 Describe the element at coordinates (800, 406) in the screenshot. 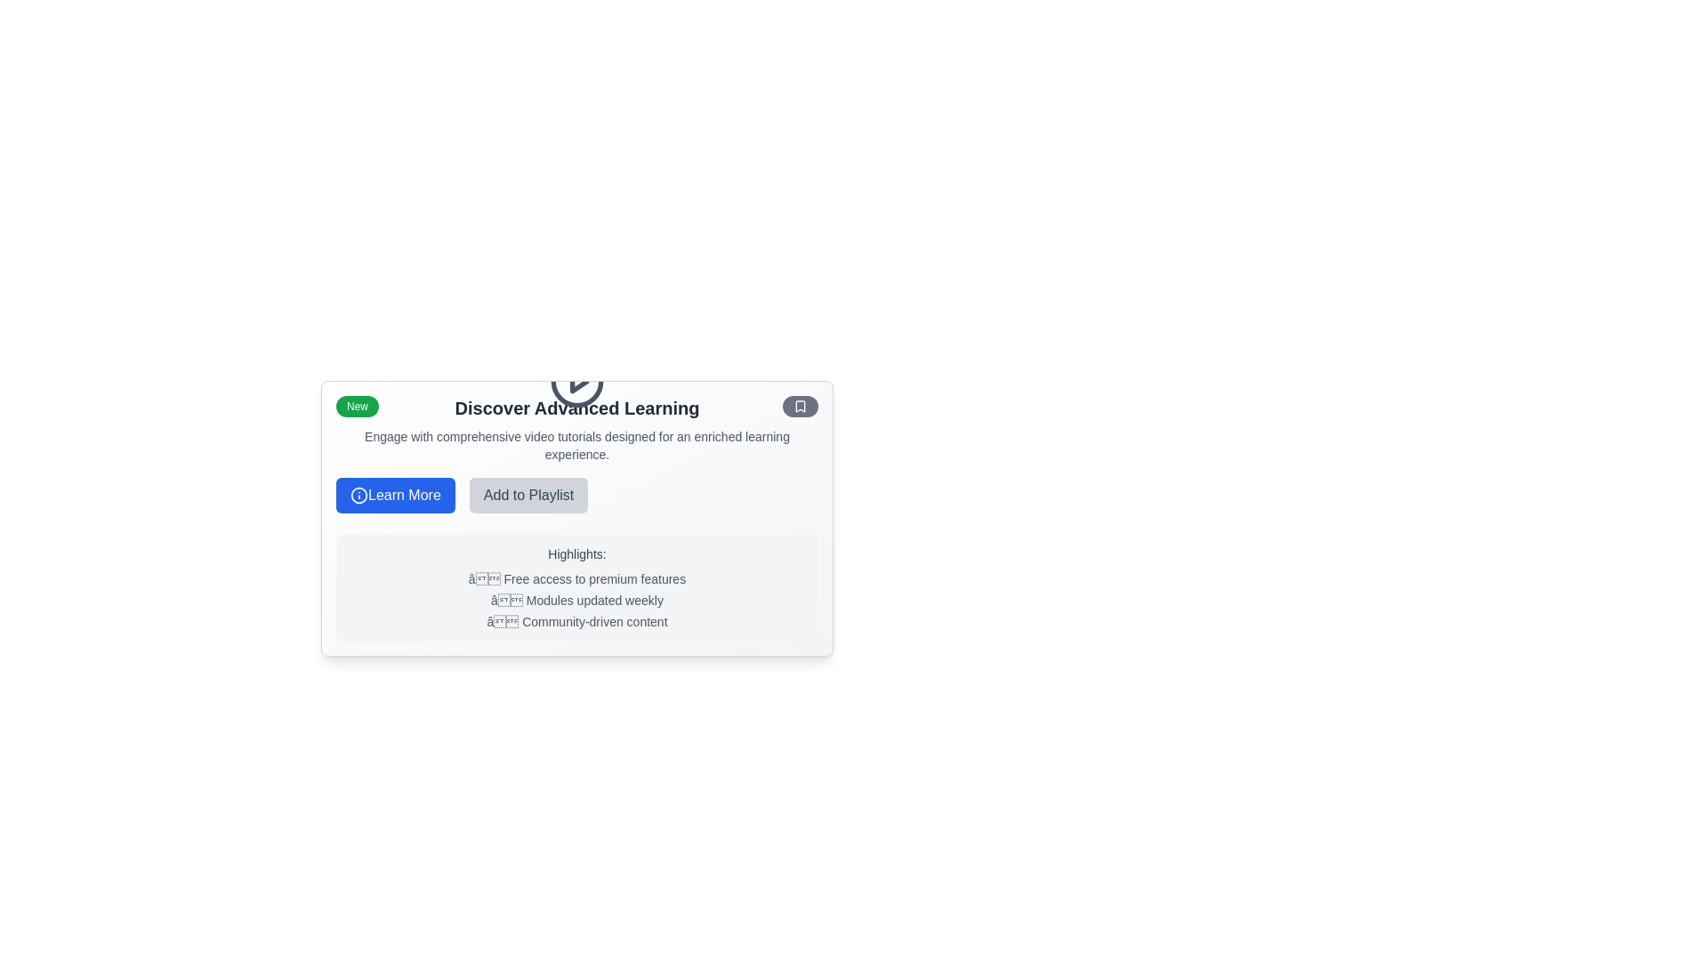

I see `the bookmark icon located at the top-right corner of the card section with the 'Discover Advanced Learning' heading` at that location.